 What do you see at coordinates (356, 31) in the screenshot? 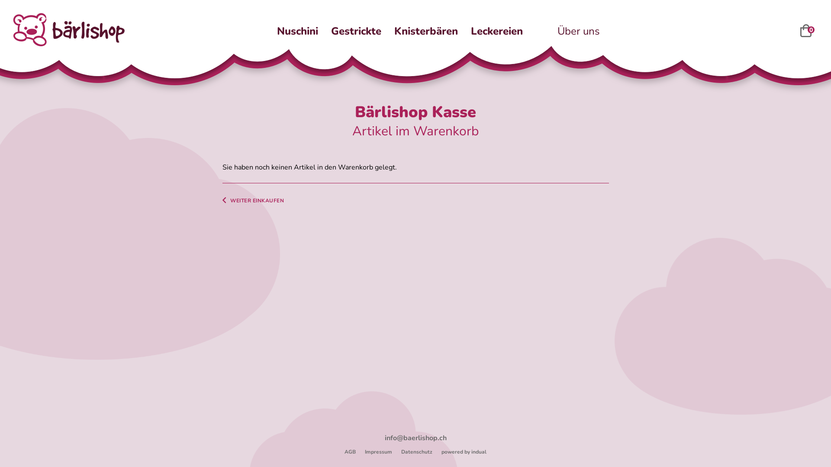
I see `'Gestrickte'` at bounding box center [356, 31].